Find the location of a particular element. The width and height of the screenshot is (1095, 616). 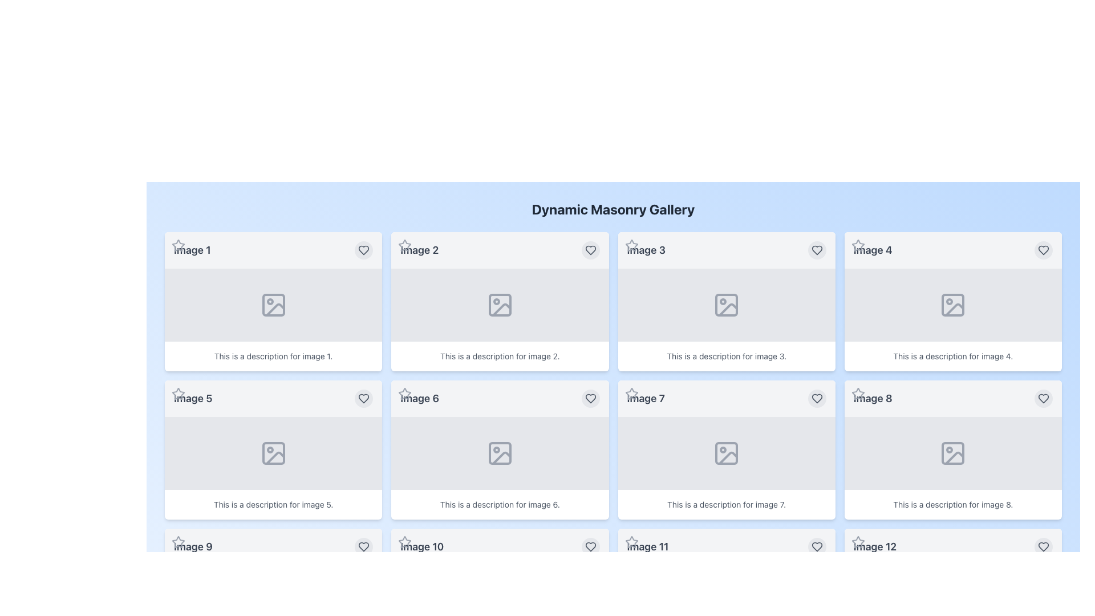

the heart icon located at the bottom-right corner of the 'Image 12' card is located at coordinates (1043, 546).